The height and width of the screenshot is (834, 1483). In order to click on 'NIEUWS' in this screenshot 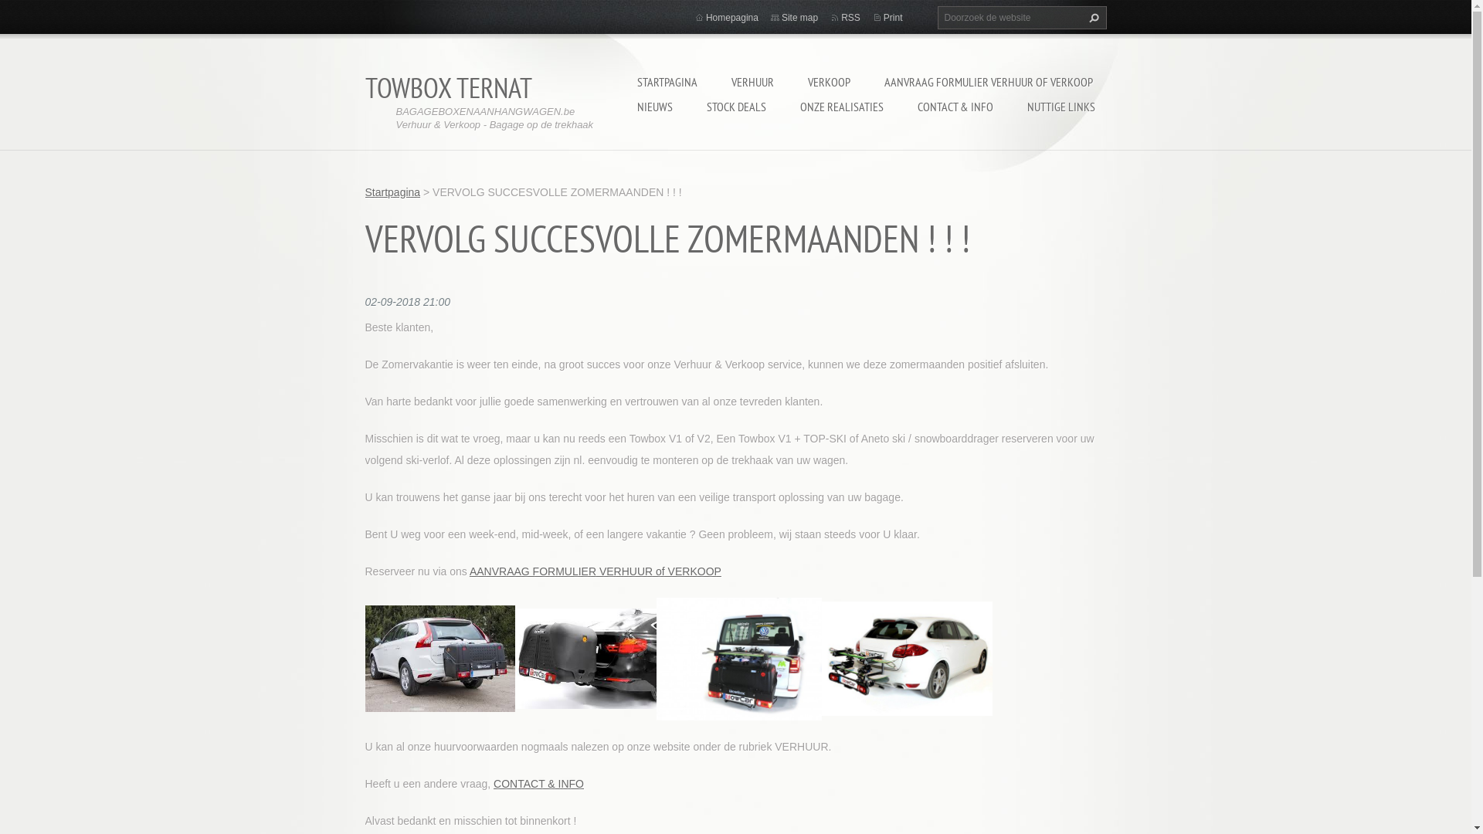, I will do `click(653, 106)`.